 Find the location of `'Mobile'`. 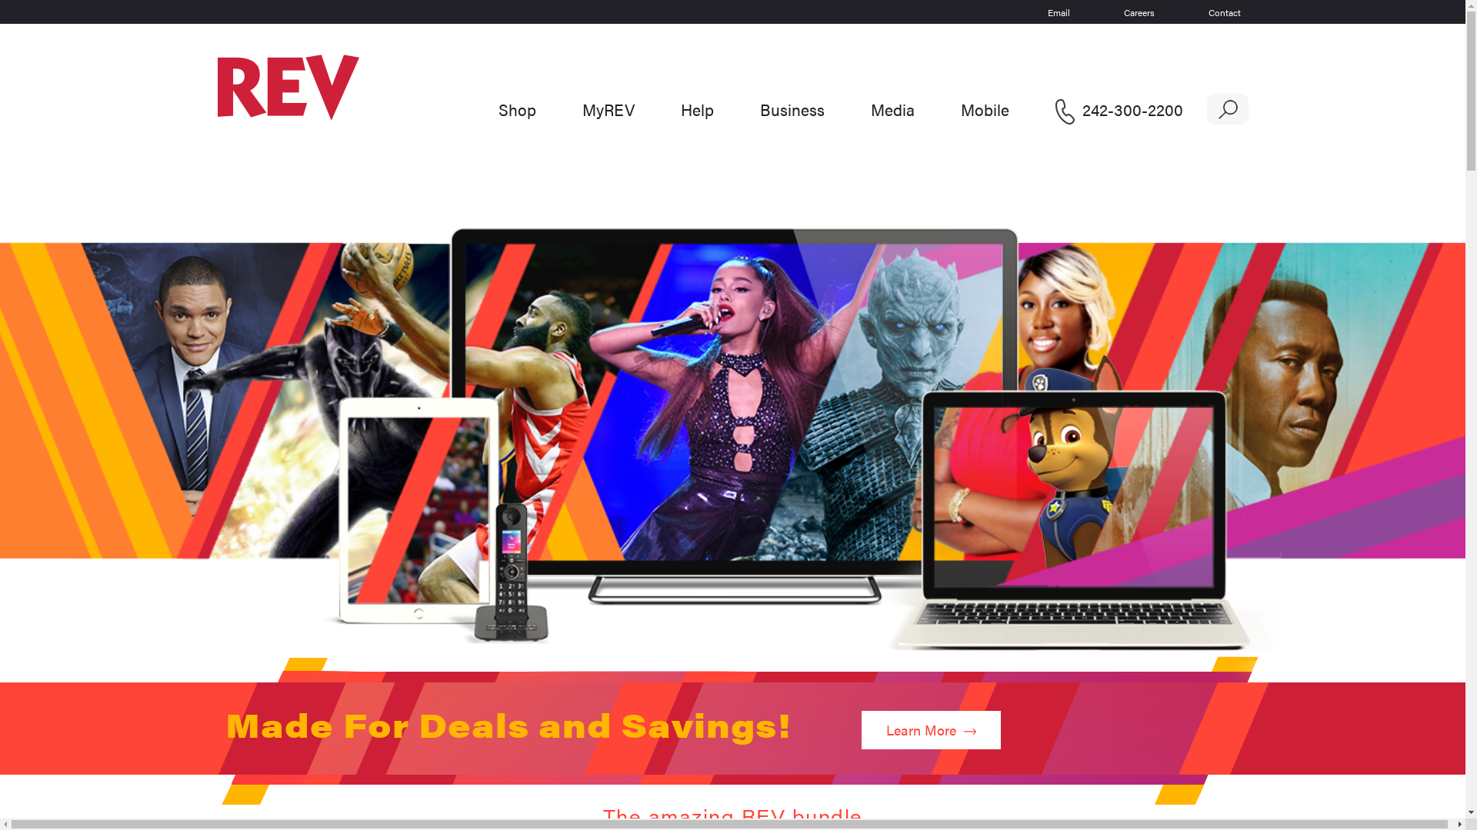

'Mobile' is located at coordinates (985, 108).